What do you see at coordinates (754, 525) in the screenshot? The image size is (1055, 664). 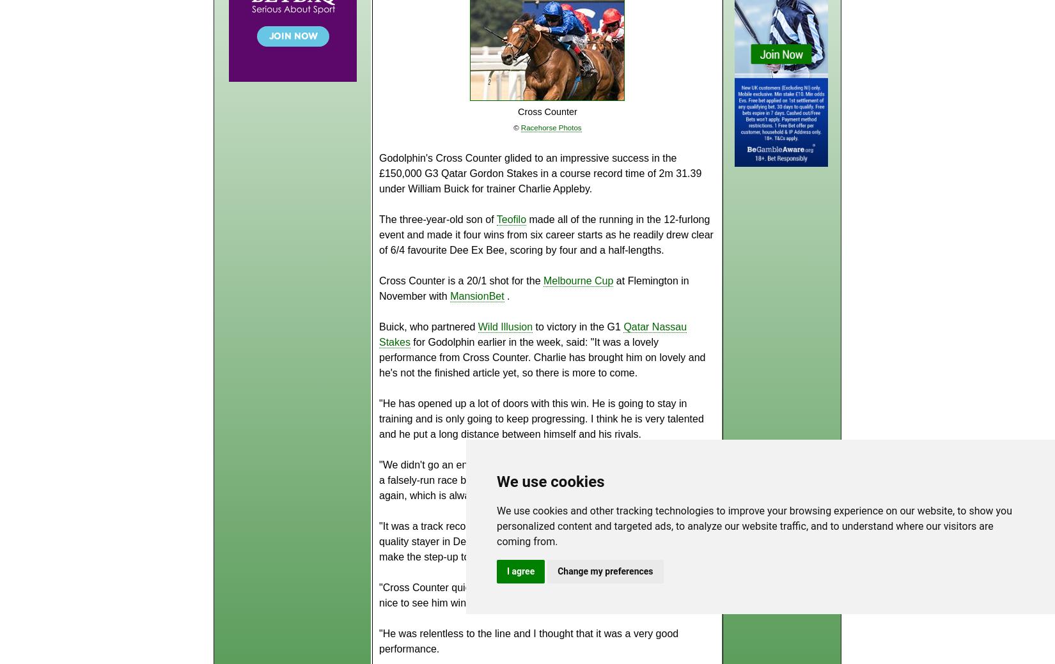 I see `'We use cookies and other tracking technologies to improve your browsing experience on our website, to show you personalized content and targeted ads, to analyze our website traffic, and to understand where our visitors are coming from.'` at bounding box center [754, 525].